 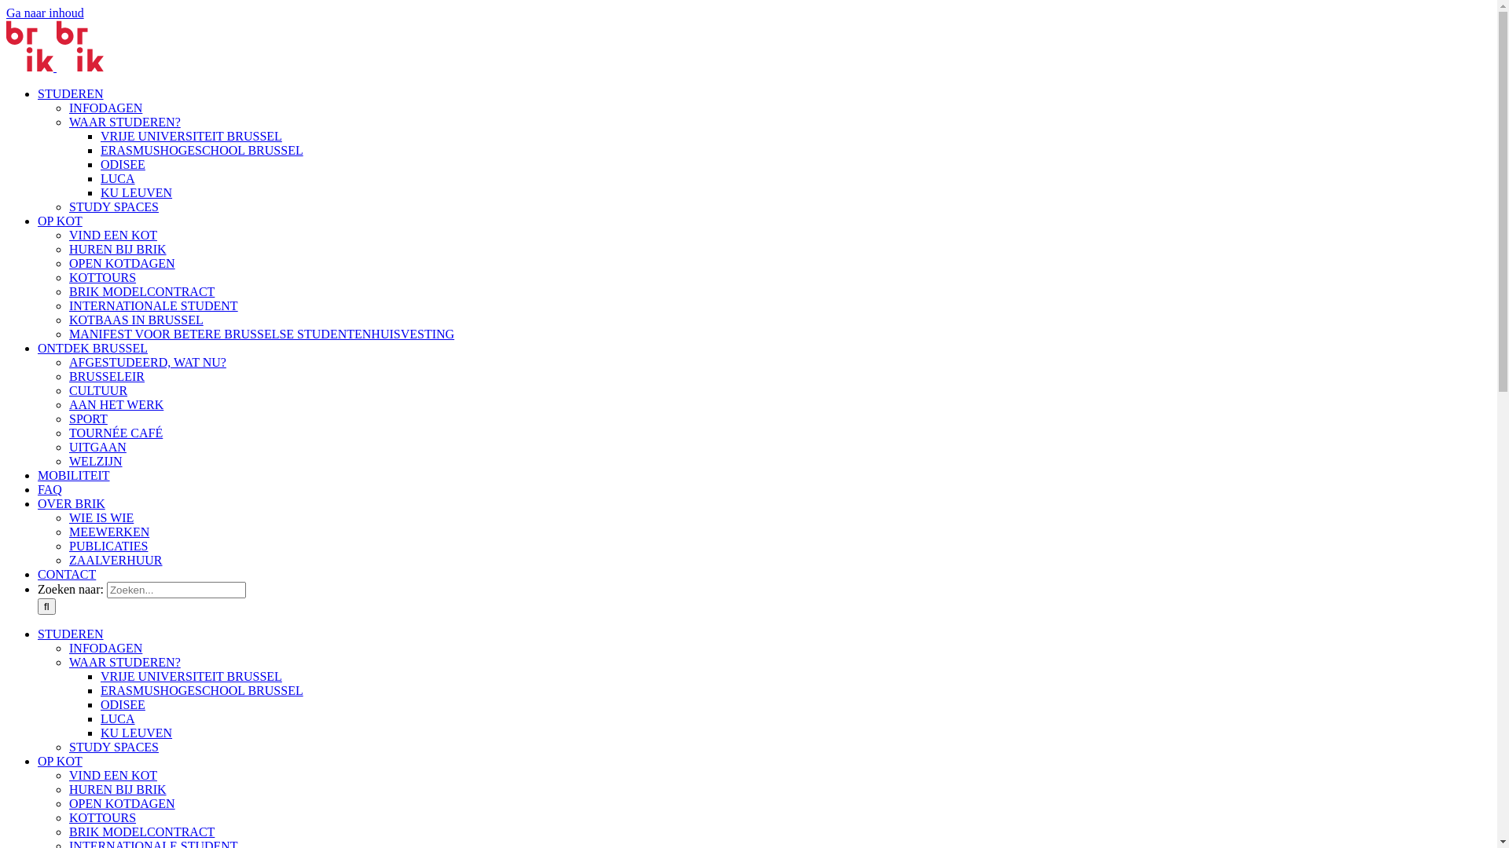 What do you see at coordinates (105, 648) in the screenshot?
I see `'INFODAGEN'` at bounding box center [105, 648].